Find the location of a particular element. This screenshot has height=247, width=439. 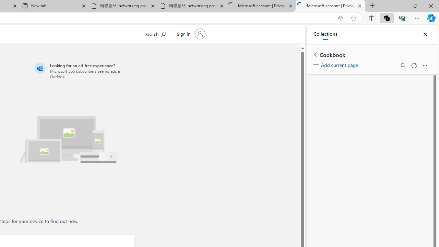

'Back to list of collections' is located at coordinates (315, 54).